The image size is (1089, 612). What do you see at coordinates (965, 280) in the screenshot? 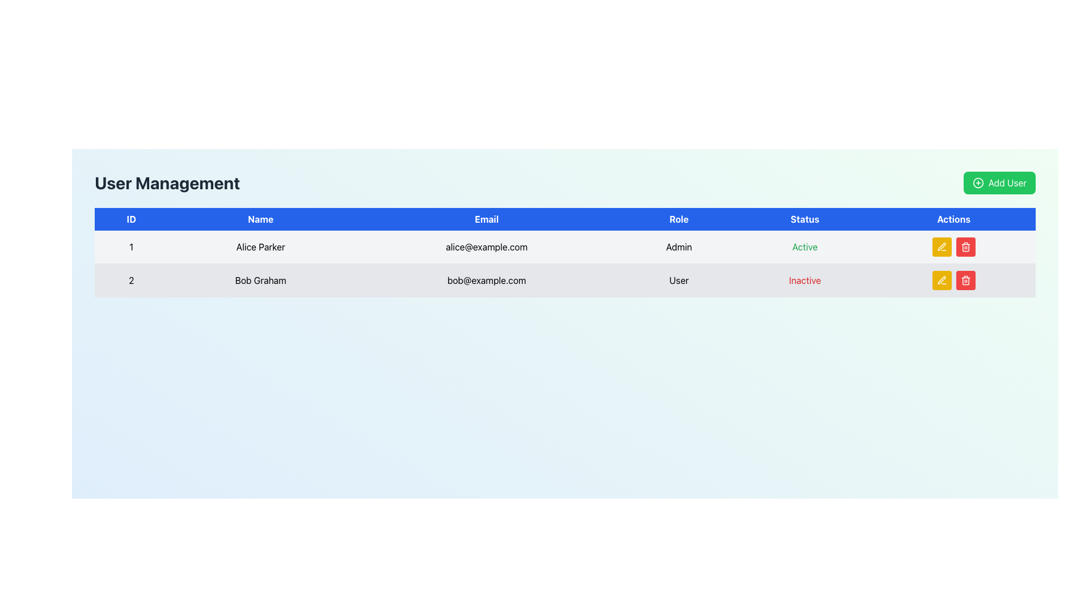
I see `the delete button icon located in the second row of the user management table's 'Actions' column` at bounding box center [965, 280].